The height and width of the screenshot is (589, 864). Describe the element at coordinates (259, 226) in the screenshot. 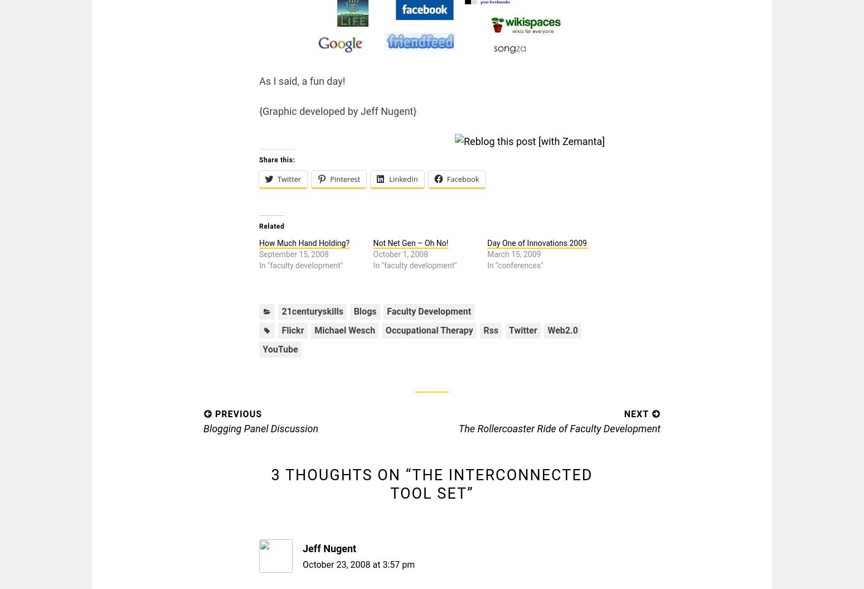

I see `'Related'` at that location.